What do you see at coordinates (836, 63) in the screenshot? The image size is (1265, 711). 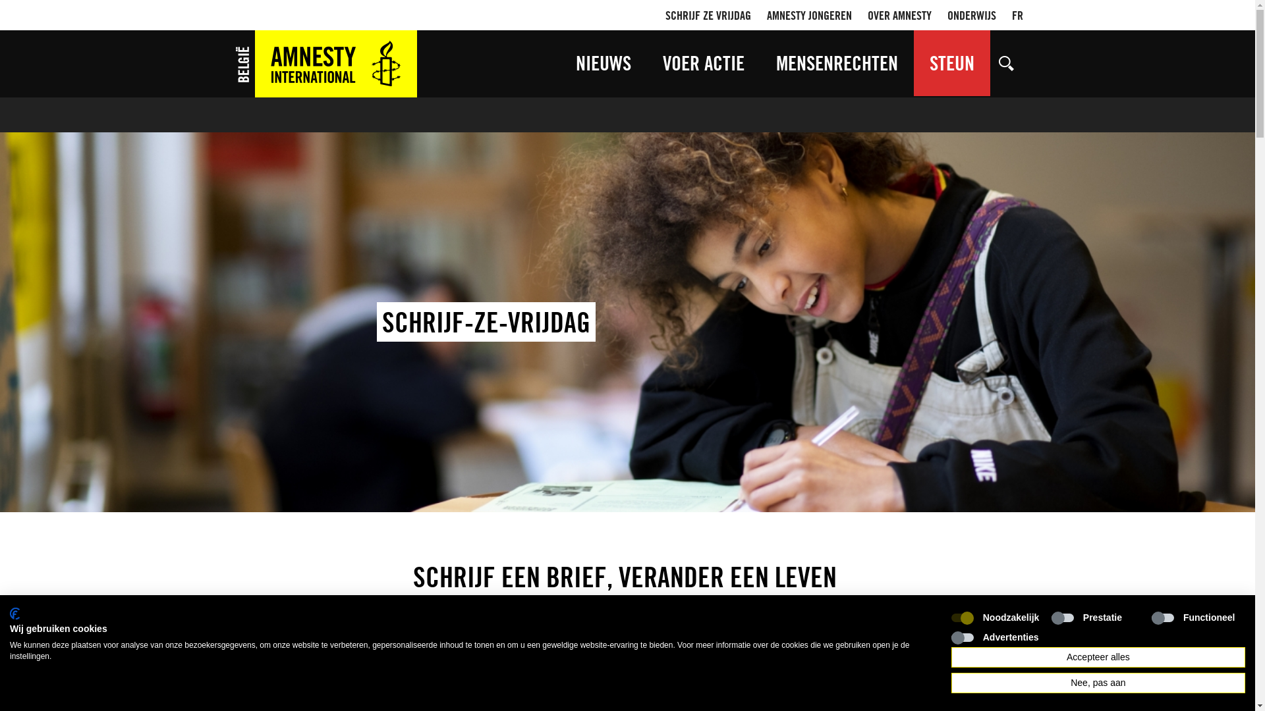 I see `'MENSENRECHTEN'` at bounding box center [836, 63].